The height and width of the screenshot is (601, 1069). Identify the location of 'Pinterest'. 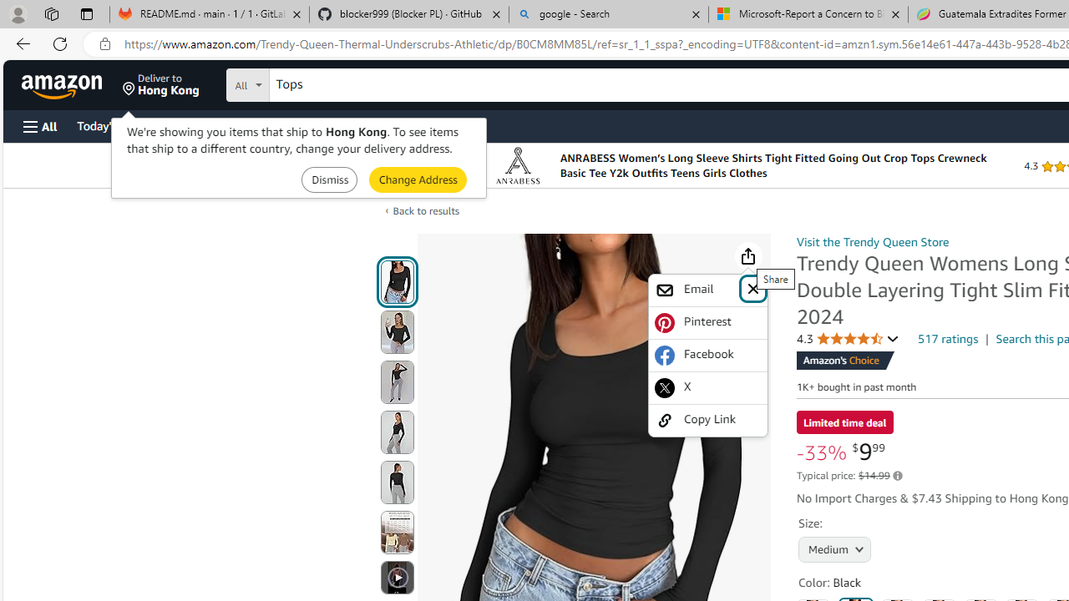
(708, 323).